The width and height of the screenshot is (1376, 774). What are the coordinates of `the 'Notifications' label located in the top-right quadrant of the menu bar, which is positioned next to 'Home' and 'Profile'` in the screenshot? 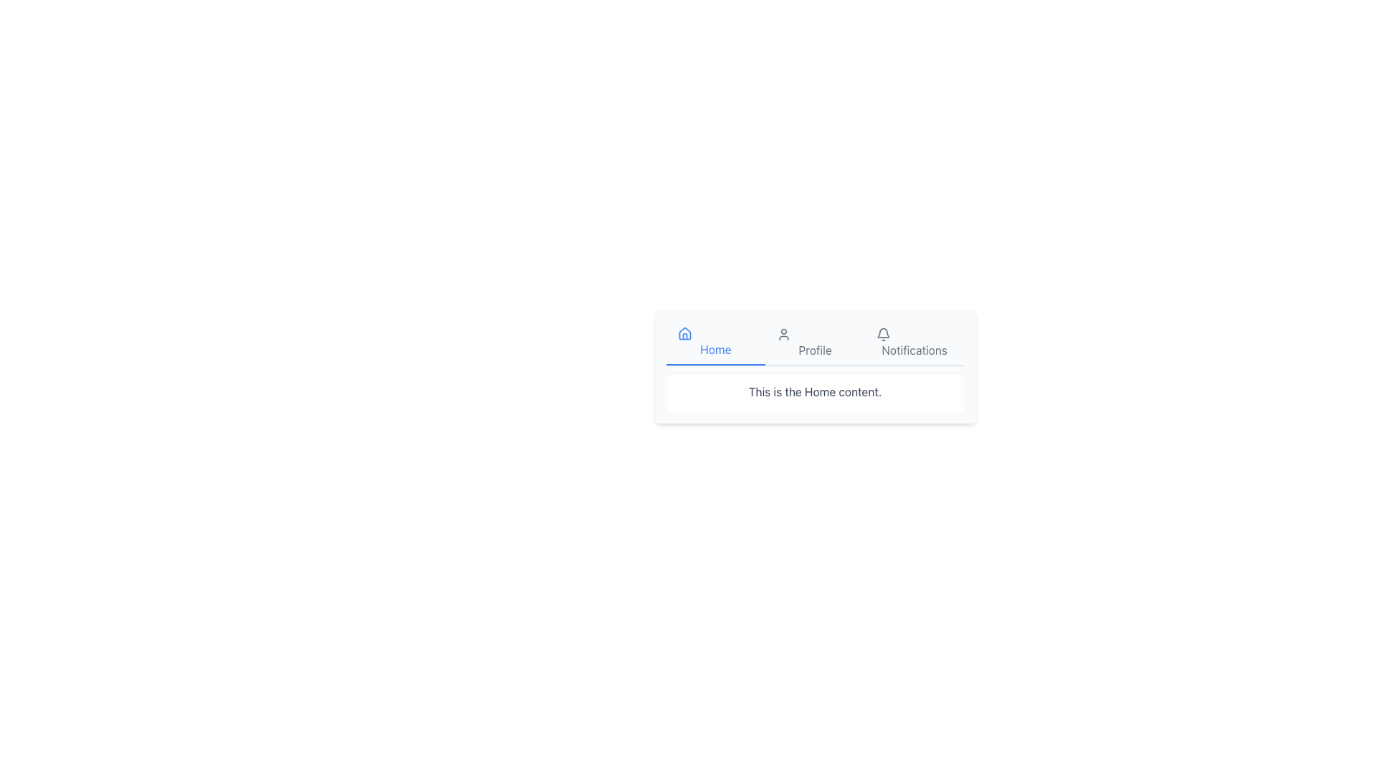 It's located at (914, 350).